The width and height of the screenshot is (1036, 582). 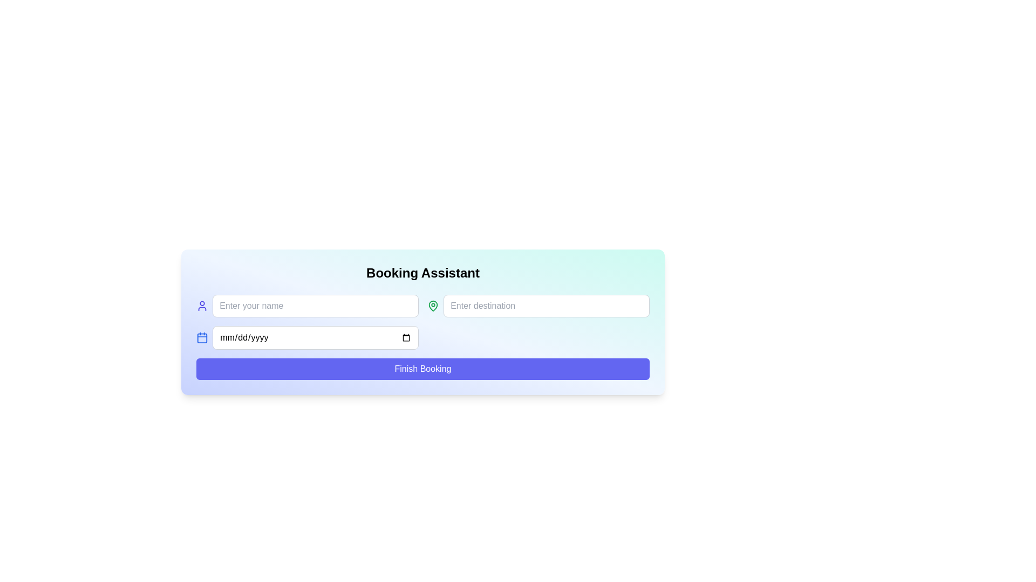 What do you see at coordinates (202, 337) in the screenshot?
I see `the blue calendar icon, which is positioned to the left of the input field labeled 'mm/dd/yyyy'` at bounding box center [202, 337].